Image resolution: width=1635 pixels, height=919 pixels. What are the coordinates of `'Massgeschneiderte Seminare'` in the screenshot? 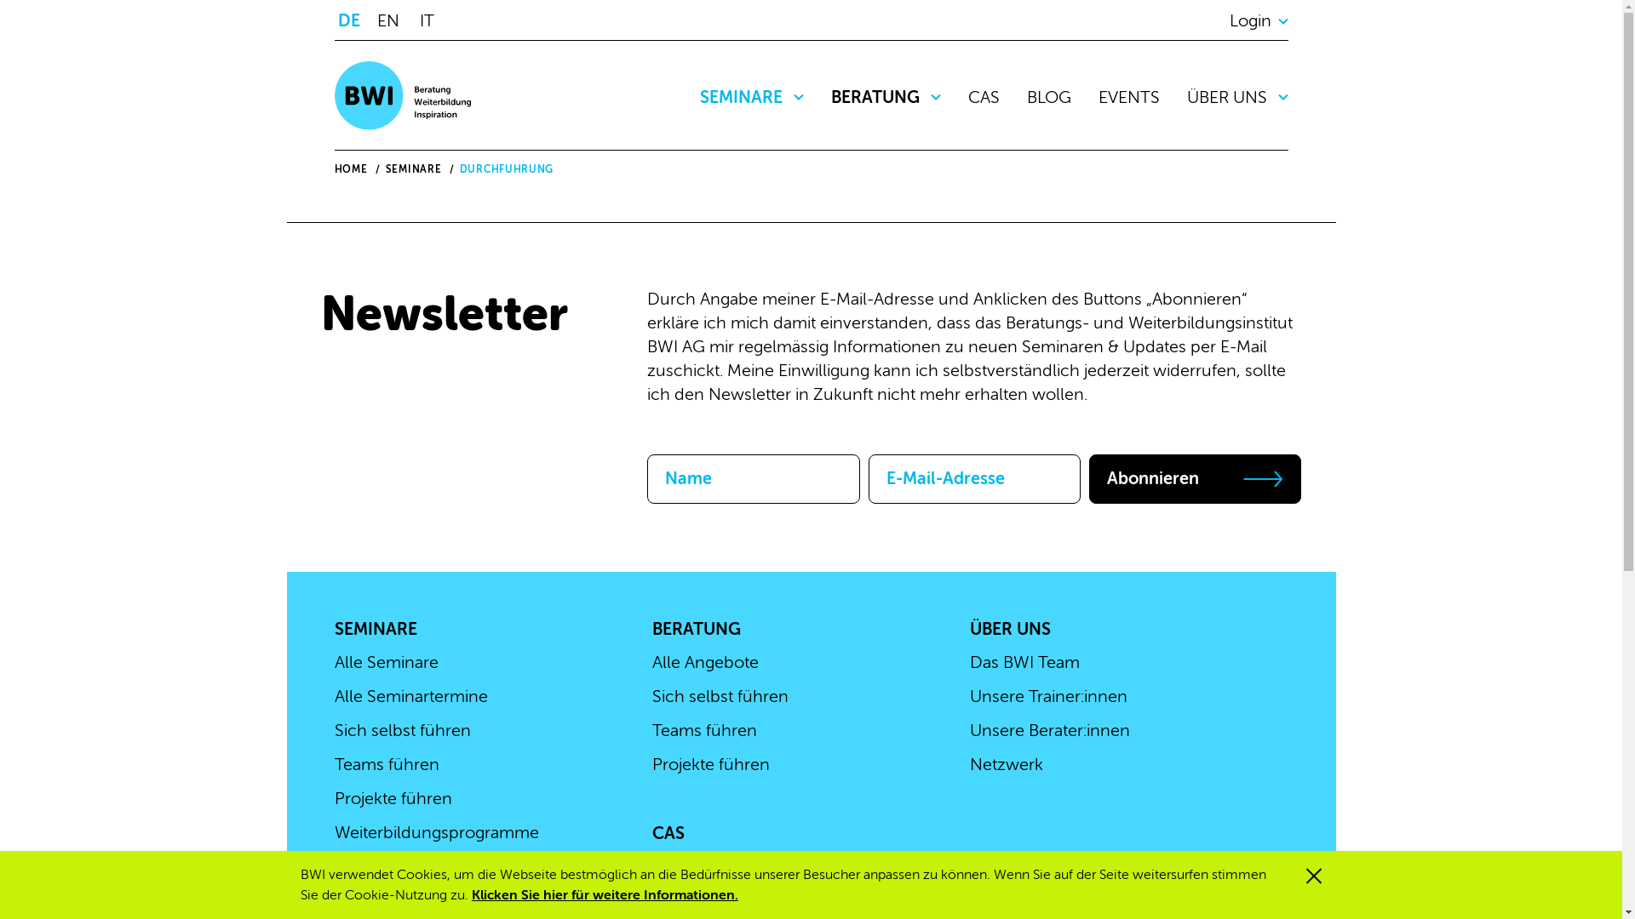 It's located at (445, 866).